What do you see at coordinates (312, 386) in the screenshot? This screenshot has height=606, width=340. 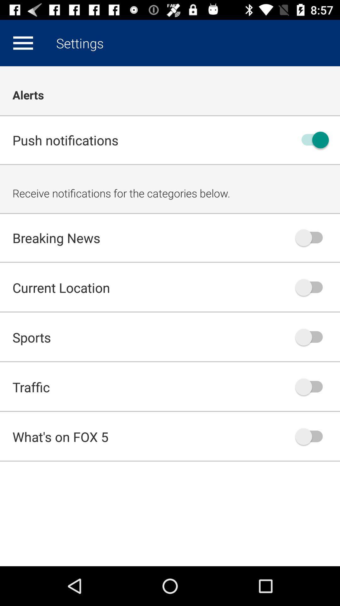 I see `set traffic on` at bounding box center [312, 386].